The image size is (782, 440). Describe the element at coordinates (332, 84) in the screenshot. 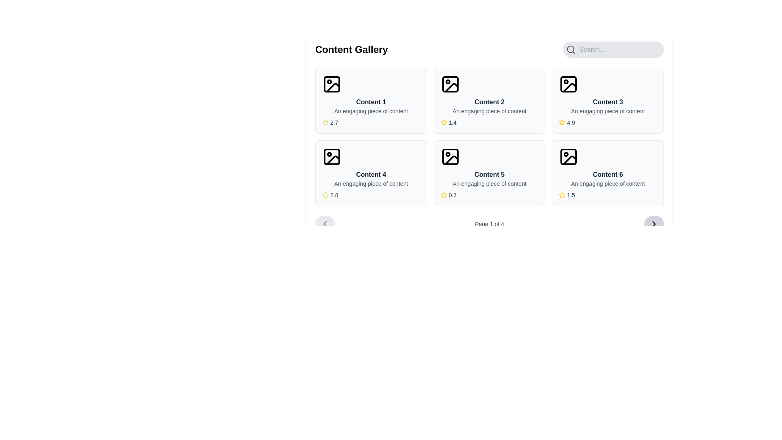

I see `the SVG rectangular shape with rounded corners that resembles an image placeholder, which is located above the text 'Content 1' in the first item of the content grid` at that location.